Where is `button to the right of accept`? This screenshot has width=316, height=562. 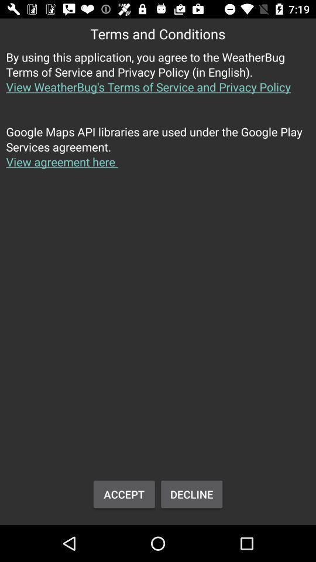
button to the right of accept is located at coordinates (191, 494).